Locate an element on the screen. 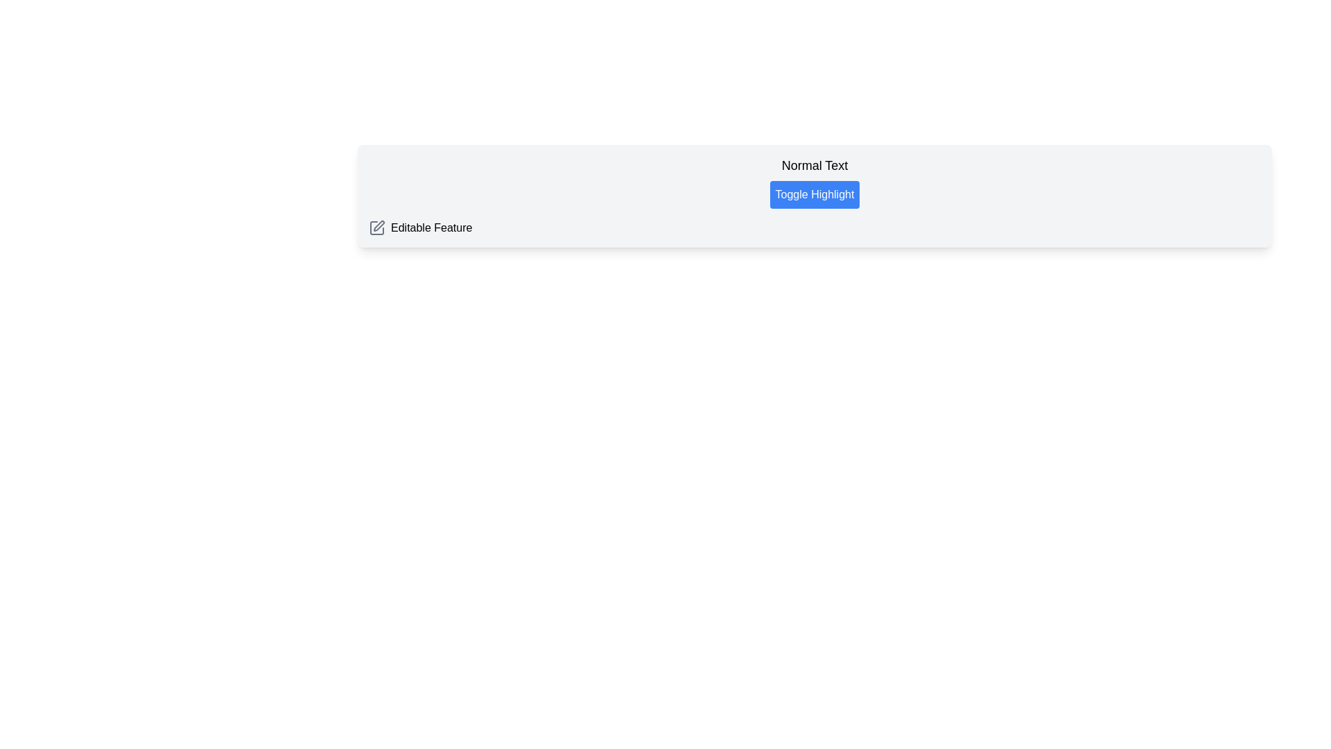 The height and width of the screenshot is (749, 1331). the blue button with rounded corners labeled 'Toggle Highlight' located below 'Normal Text' is located at coordinates (815, 195).